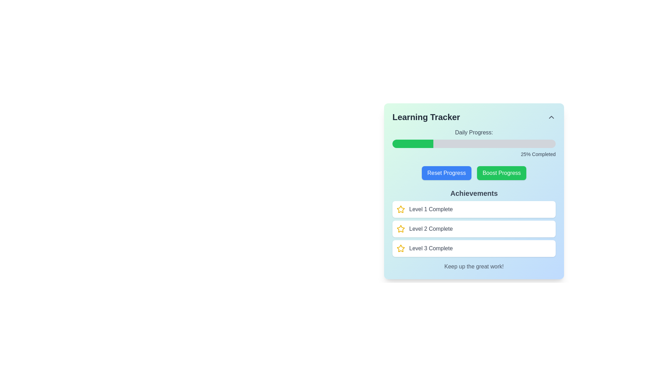  I want to click on the leftmost button below the 'Daily Progress' progress bar in the 'Learning Tracker' panel to reset progress, so click(446, 173).